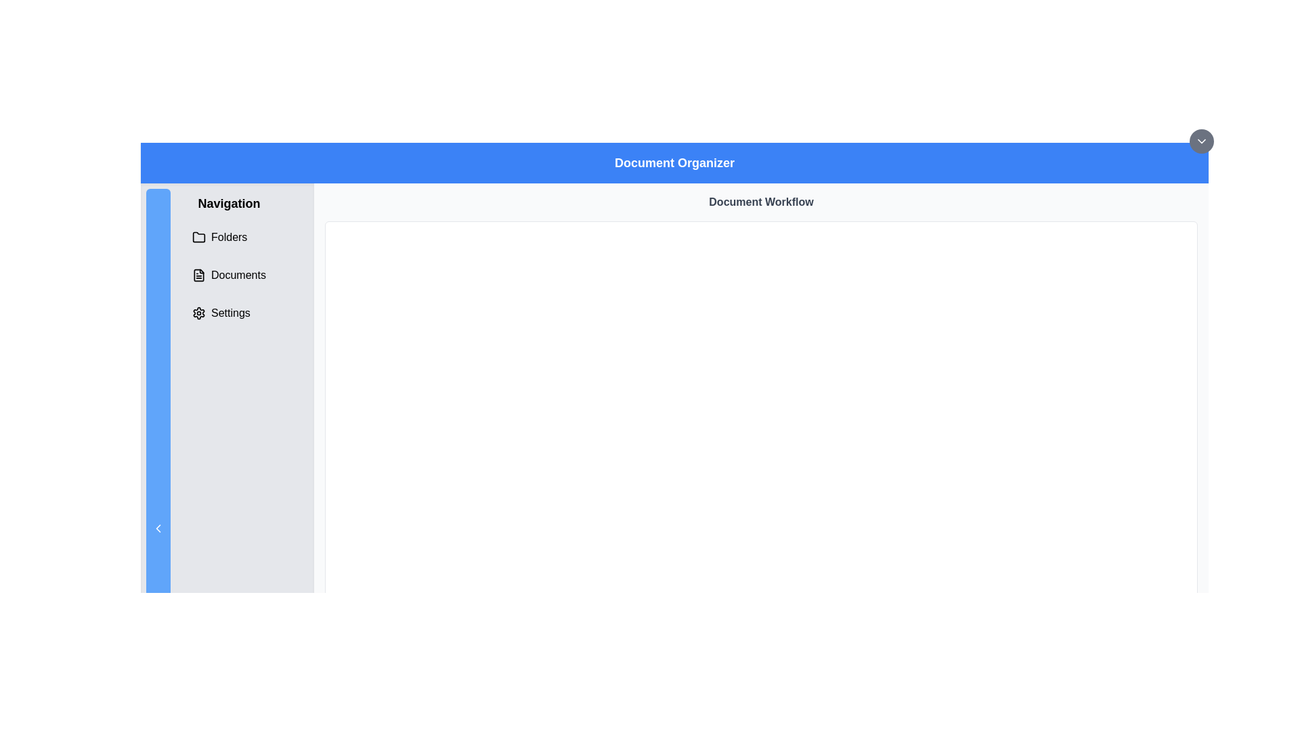  Describe the element at coordinates (229, 313) in the screenshot. I see `the 'Settings' navigation menu item, which features a gear-shaped icon and is the third item in the vertical list under the 'Navigation' header` at that location.